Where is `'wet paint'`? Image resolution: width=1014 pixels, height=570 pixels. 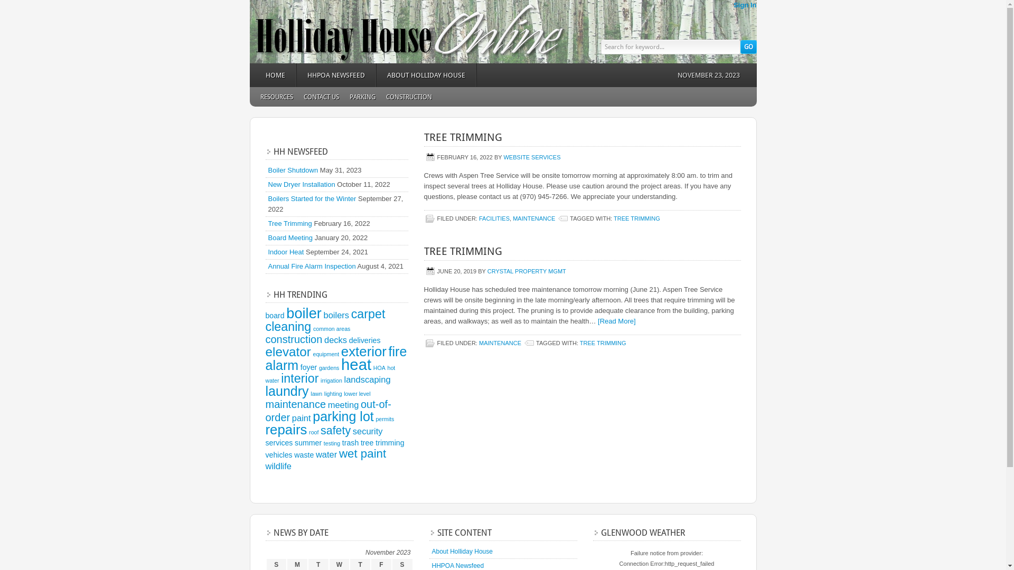 'wet paint' is located at coordinates (362, 453).